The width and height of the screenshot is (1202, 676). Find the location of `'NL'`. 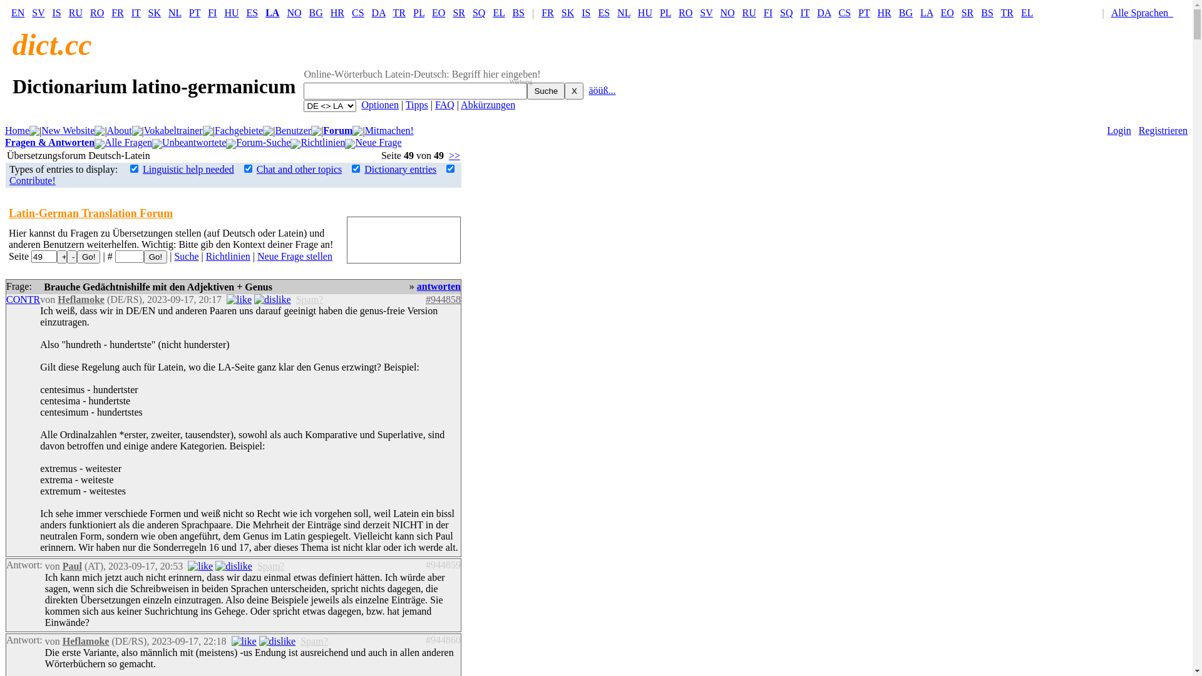

'NL' is located at coordinates (624, 13).